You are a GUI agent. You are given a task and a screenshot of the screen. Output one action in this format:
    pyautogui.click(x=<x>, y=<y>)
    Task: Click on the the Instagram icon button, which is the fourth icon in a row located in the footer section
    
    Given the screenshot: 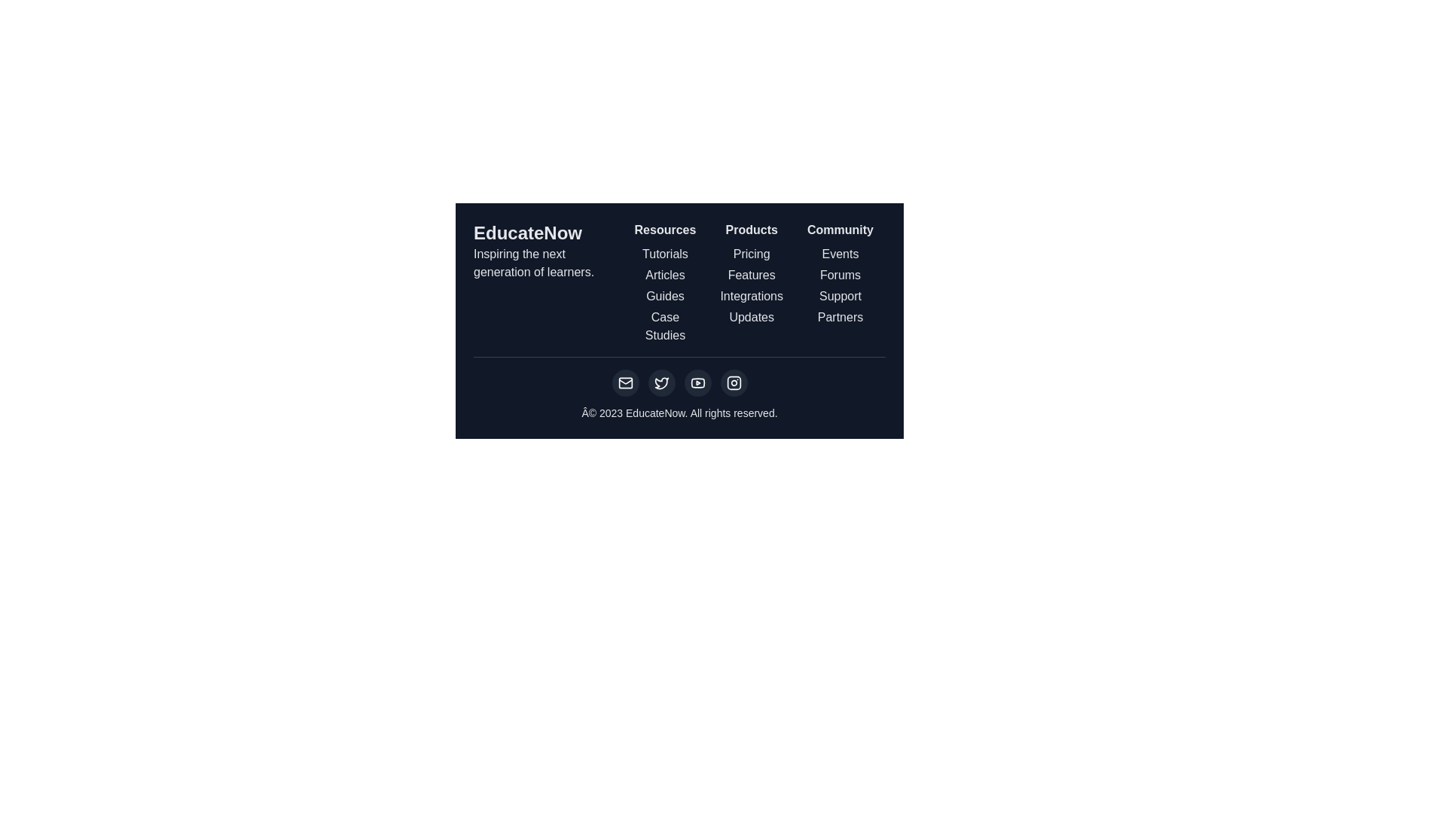 What is the action you would take?
    pyautogui.click(x=734, y=382)
    